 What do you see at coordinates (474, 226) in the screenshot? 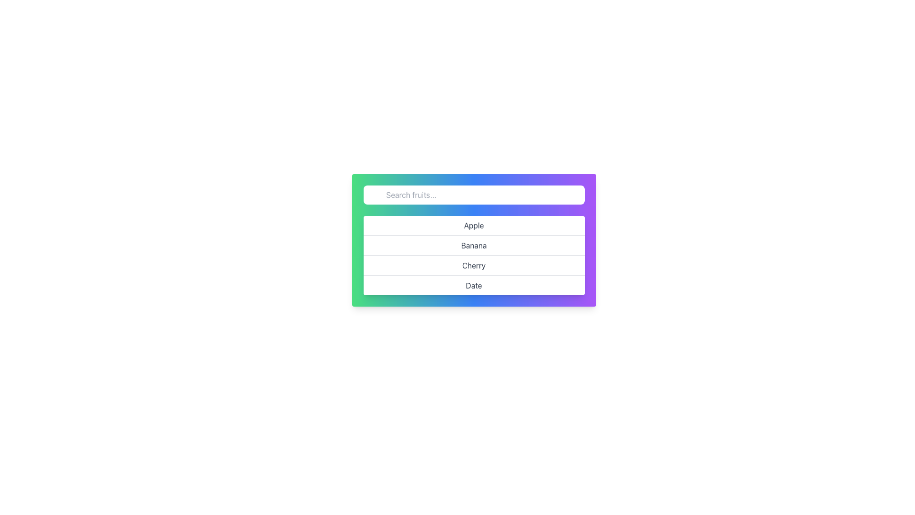
I see `the first item in the vertical list of selectable items, which is a text label located above 'Banana', 'Cherry', and 'Date'` at bounding box center [474, 226].